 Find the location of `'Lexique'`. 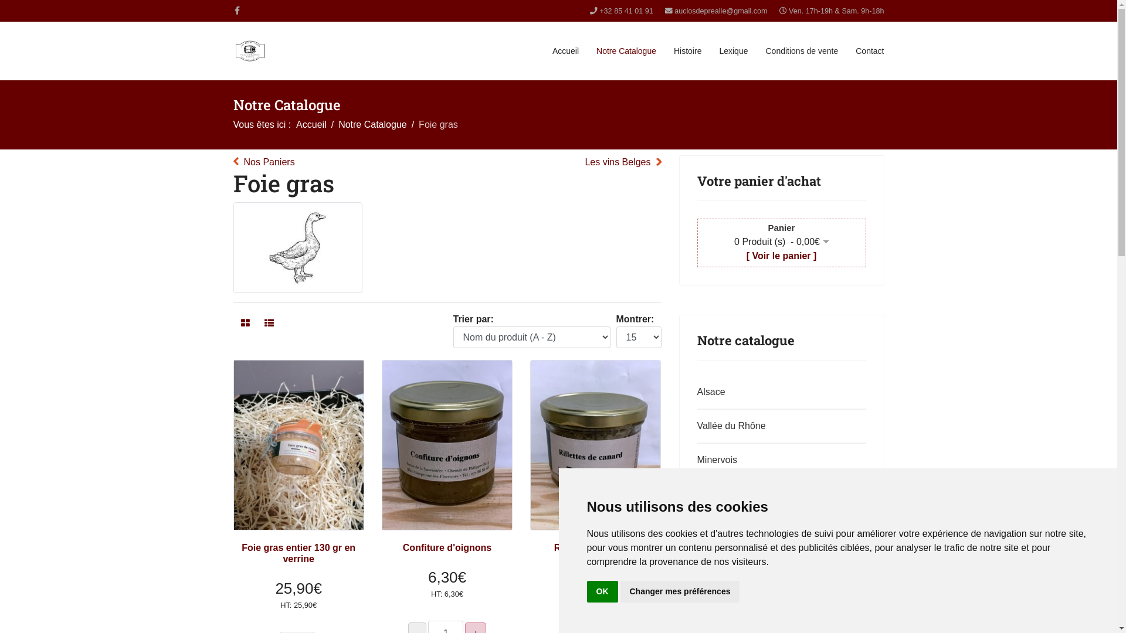

'Lexique' is located at coordinates (732, 50).